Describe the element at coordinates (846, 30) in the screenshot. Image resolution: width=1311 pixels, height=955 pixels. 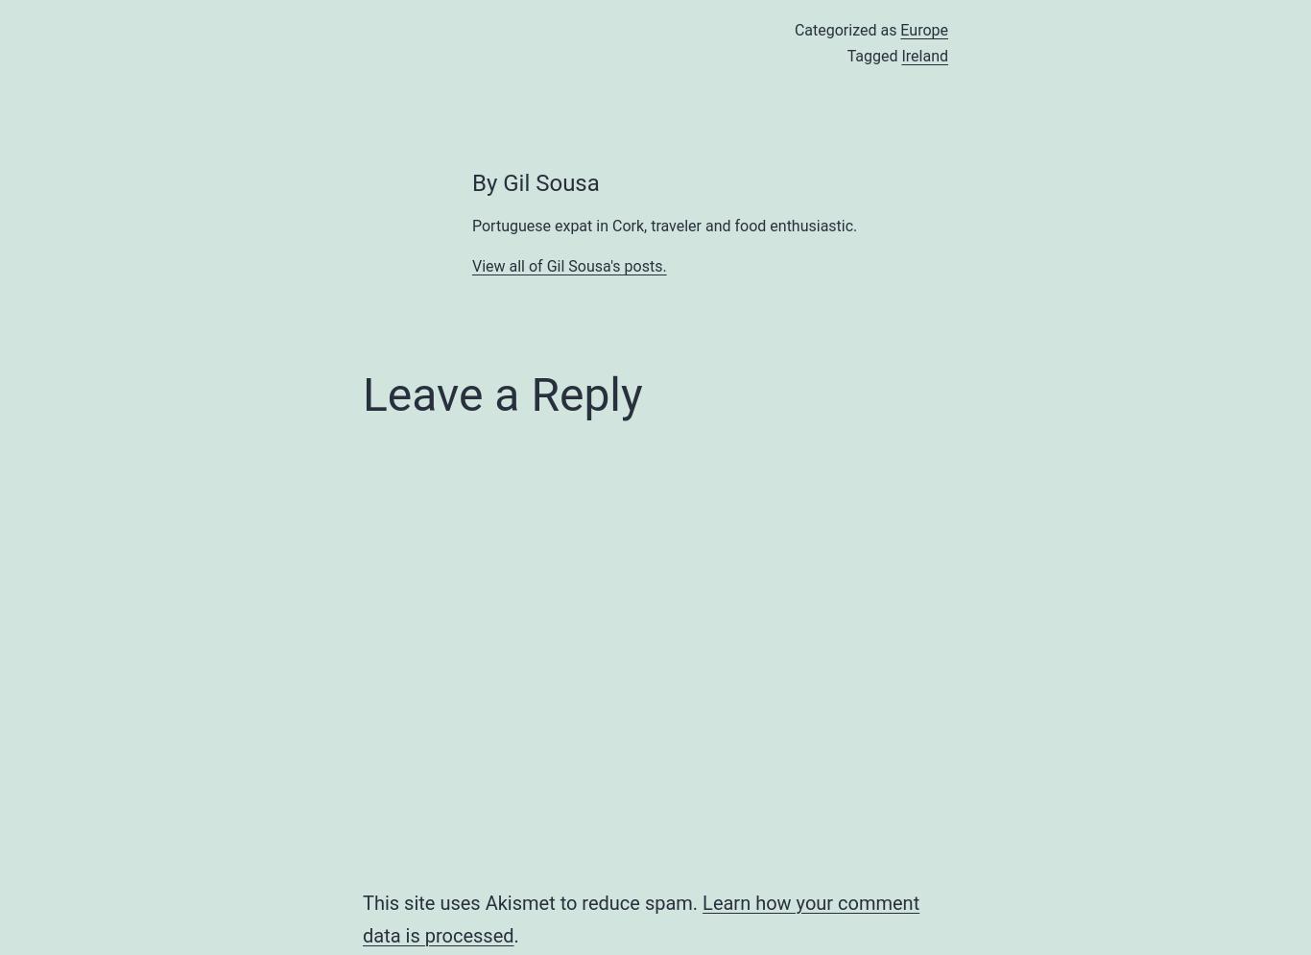
I see `'Categorized as'` at that location.